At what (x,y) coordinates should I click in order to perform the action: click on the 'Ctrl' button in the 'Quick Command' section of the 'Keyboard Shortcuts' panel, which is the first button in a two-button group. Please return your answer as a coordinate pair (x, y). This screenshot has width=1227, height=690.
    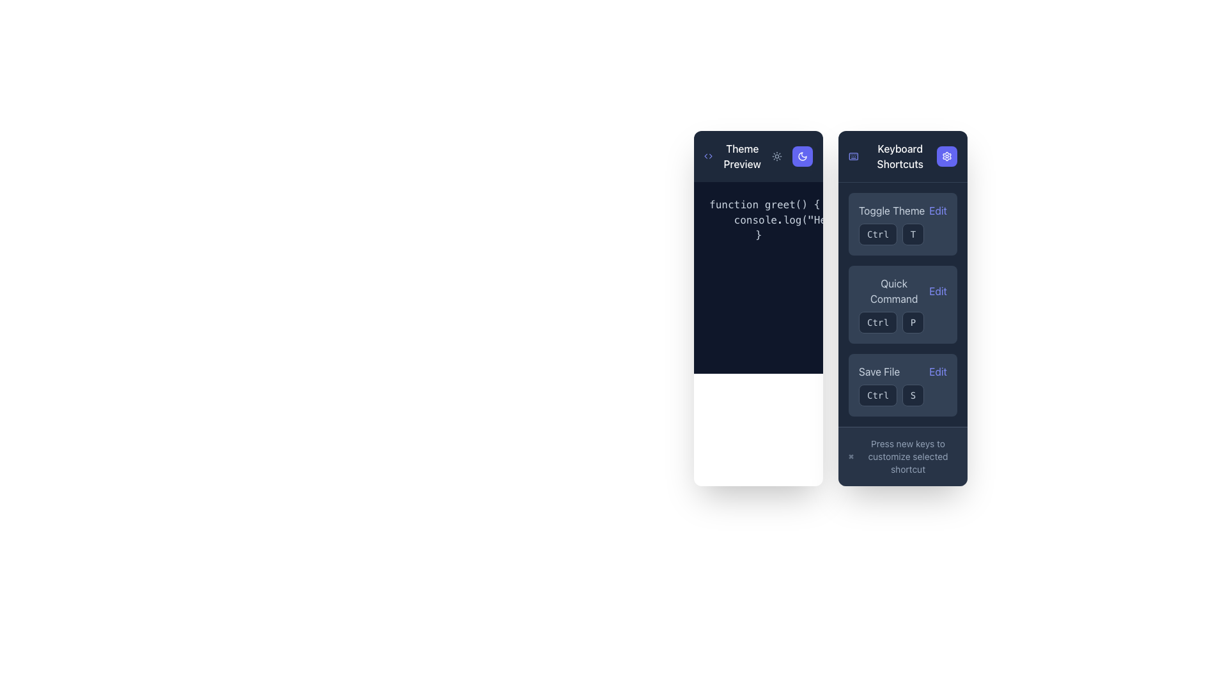
    Looking at the image, I should click on (877, 322).